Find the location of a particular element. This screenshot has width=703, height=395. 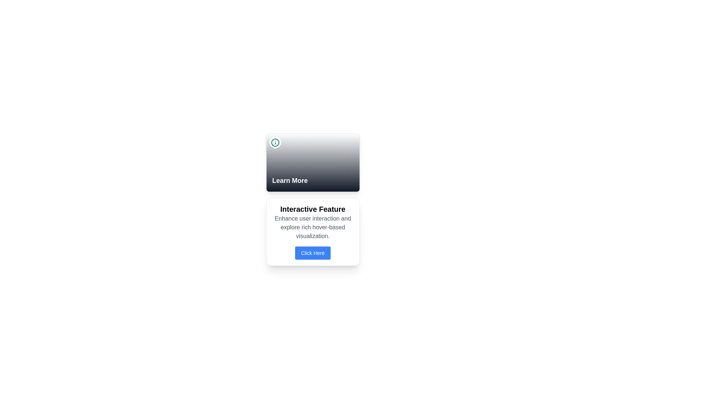

the circular information icon with a teal outline, located is located at coordinates (275, 142).